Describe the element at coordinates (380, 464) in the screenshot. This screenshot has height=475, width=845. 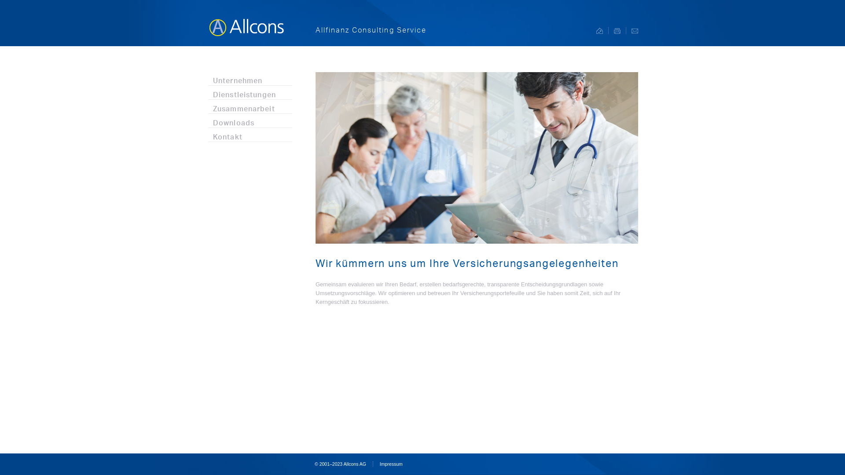
I see `'Impressum'` at that location.